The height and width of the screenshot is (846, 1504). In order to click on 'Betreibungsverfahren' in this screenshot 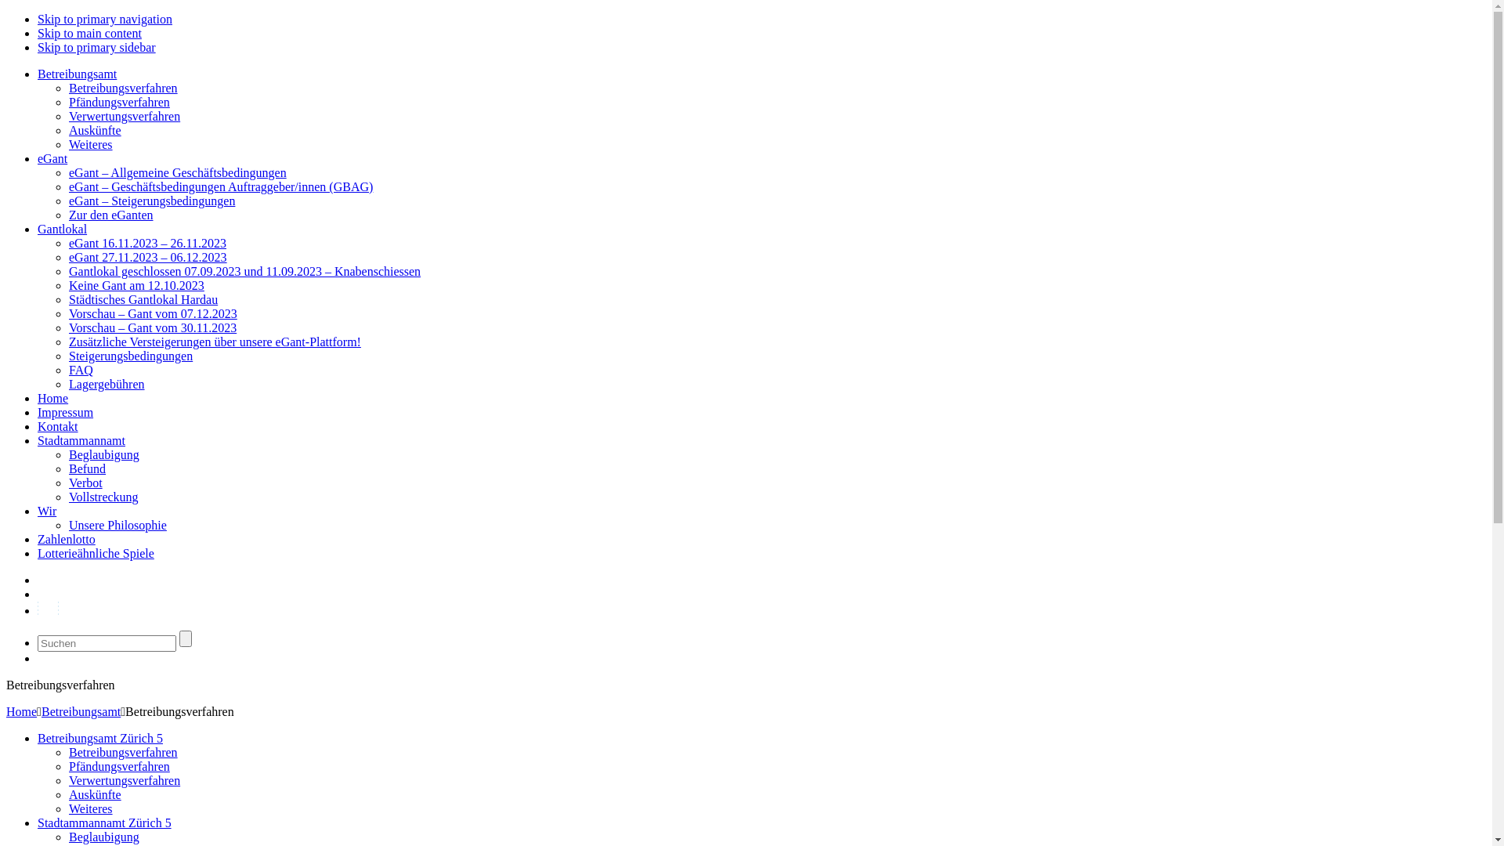, I will do `click(67, 751)`.